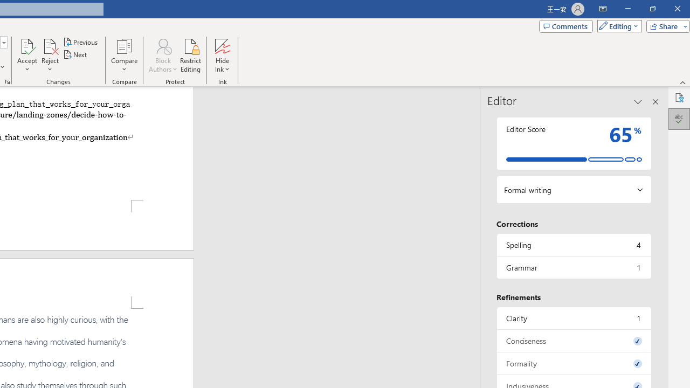 Image resolution: width=690 pixels, height=388 pixels. Describe the element at coordinates (573, 341) in the screenshot. I see `'Conciseness, 0 issues. Press space or enter to review items.'` at that location.